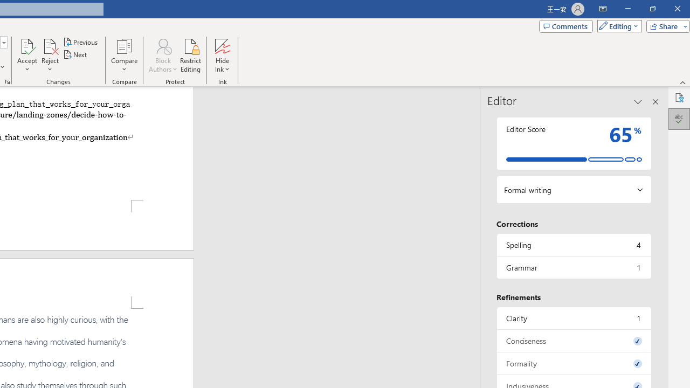 Image resolution: width=690 pixels, height=388 pixels. Describe the element at coordinates (573, 341) in the screenshot. I see `'Conciseness, 0 issues. Press space or enter to review items.'` at that location.